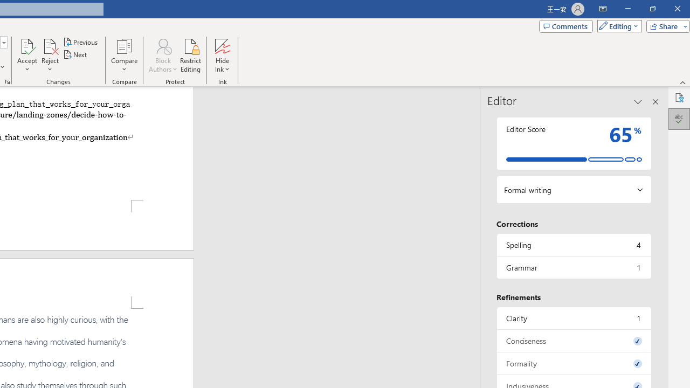 Image resolution: width=690 pixels, height=388 pixels. Describe the element at coordinates (573, 341) in the screenshot. I see `'Conciseness, 0 issues. Press space or enter to review items.'` at that location.